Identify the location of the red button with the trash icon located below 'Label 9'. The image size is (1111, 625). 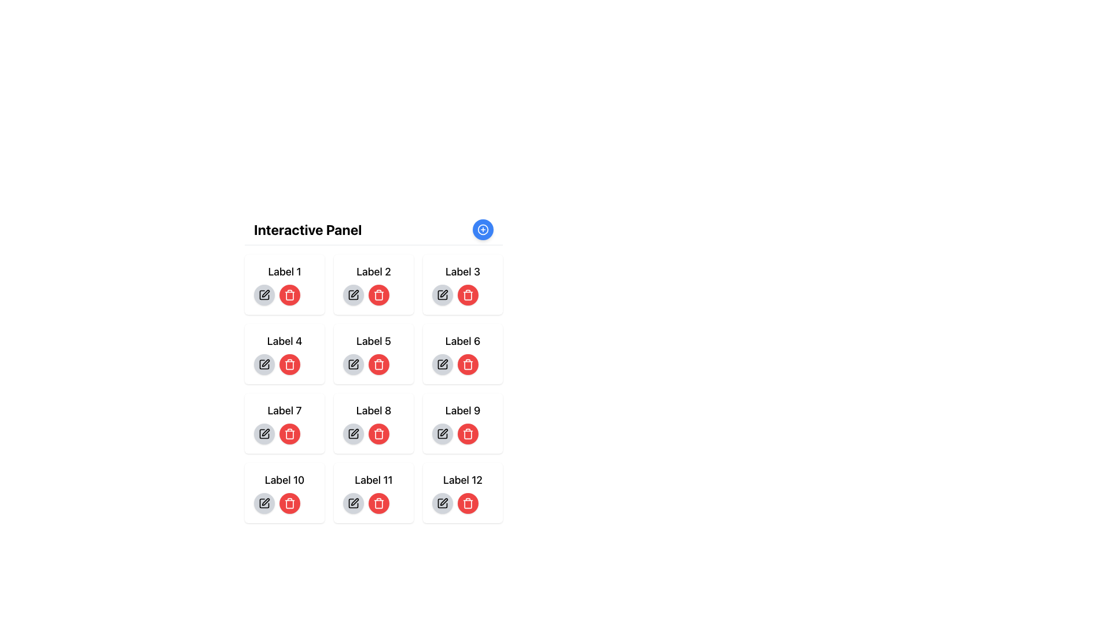
(463, 433).